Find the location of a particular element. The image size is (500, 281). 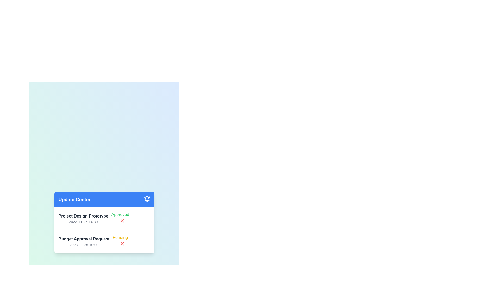

the 'Update Center' text label, which is prominently displayed in bold white font against a blue background within the header of the card is located at coordinates (74, 199).